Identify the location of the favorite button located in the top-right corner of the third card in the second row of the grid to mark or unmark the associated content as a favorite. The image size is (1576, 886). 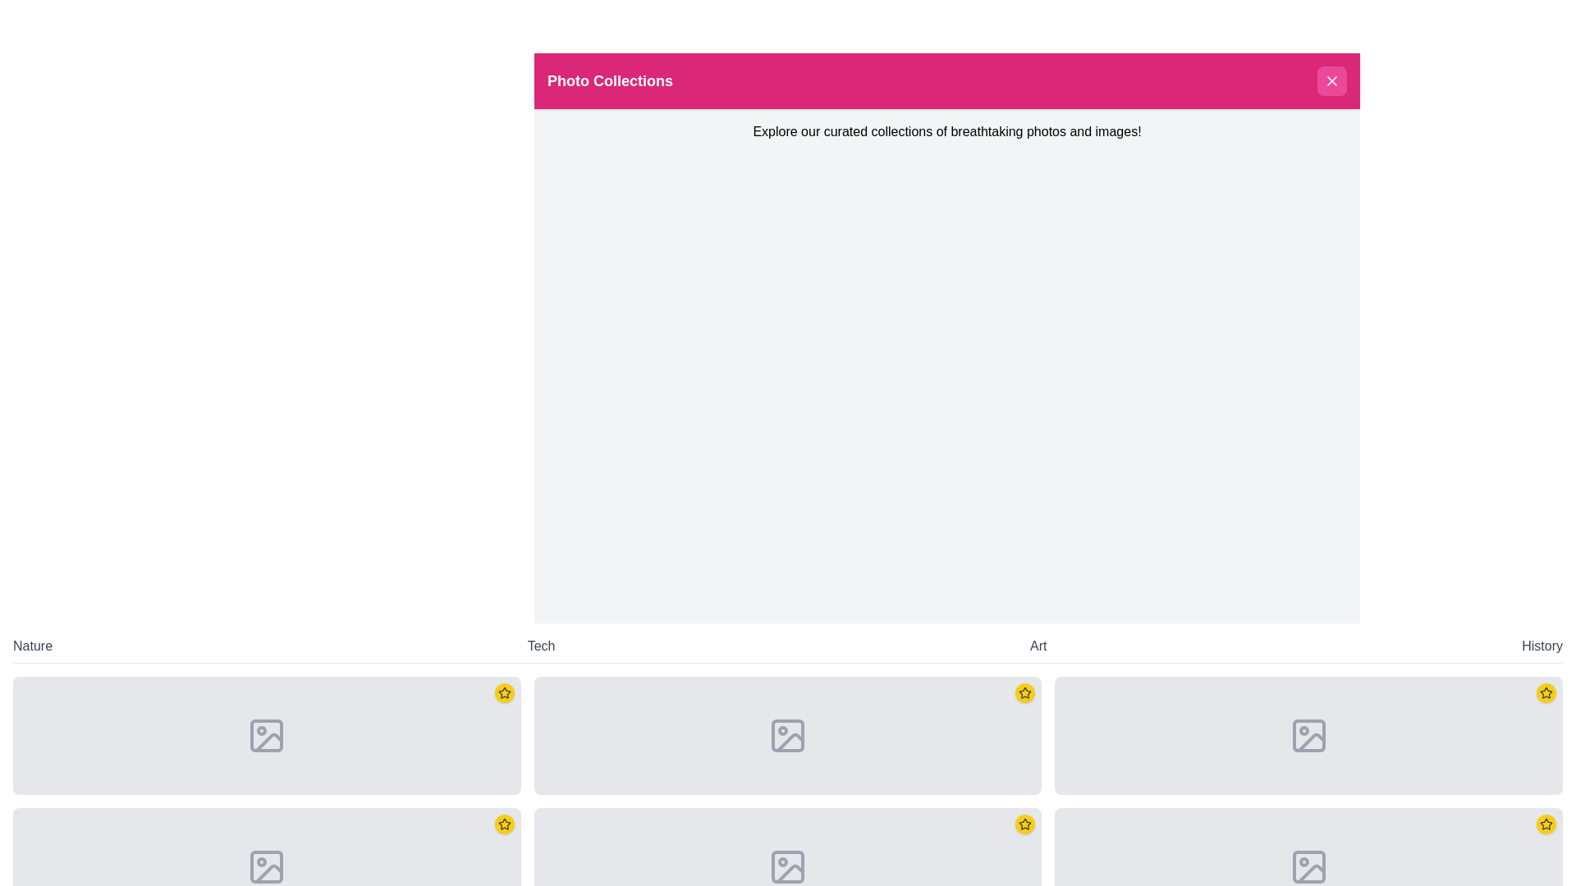
(1024, 824).